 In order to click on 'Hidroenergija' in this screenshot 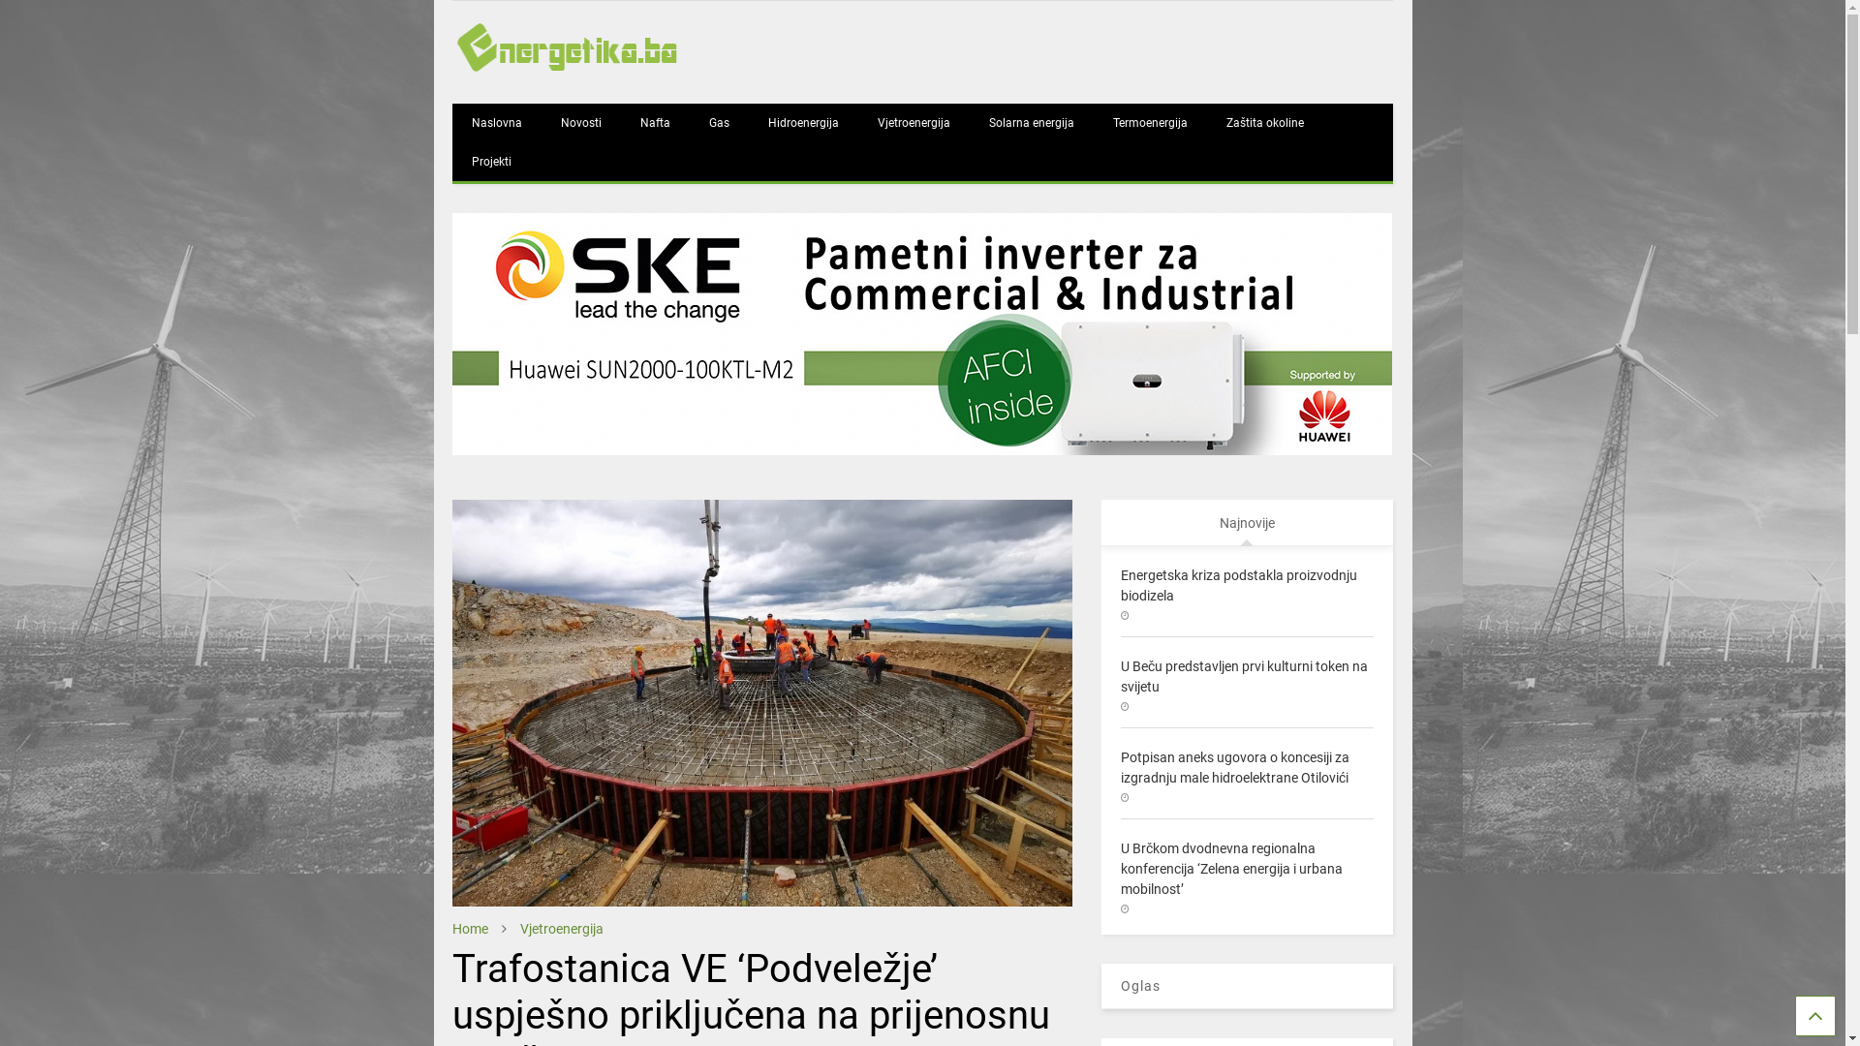, I will do `click(747, 123)`.